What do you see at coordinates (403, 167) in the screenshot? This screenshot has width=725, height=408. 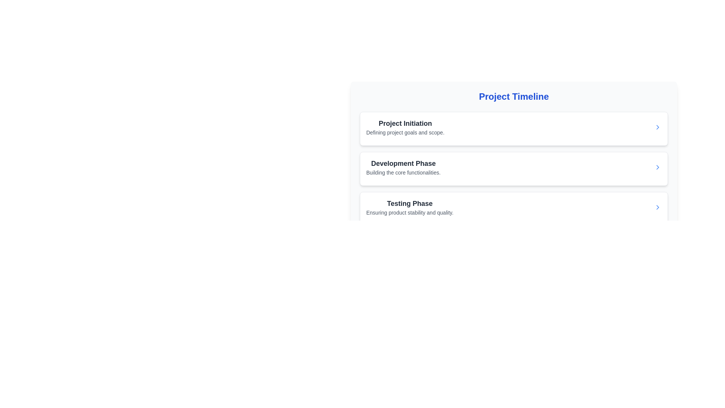 I see `the text block that serves as a descriptive header and subtitle for the current phase of the project timeline, positioned centrally between 'Project Initiation' and 'Testing Phase'` at bounding box center [403, 167].